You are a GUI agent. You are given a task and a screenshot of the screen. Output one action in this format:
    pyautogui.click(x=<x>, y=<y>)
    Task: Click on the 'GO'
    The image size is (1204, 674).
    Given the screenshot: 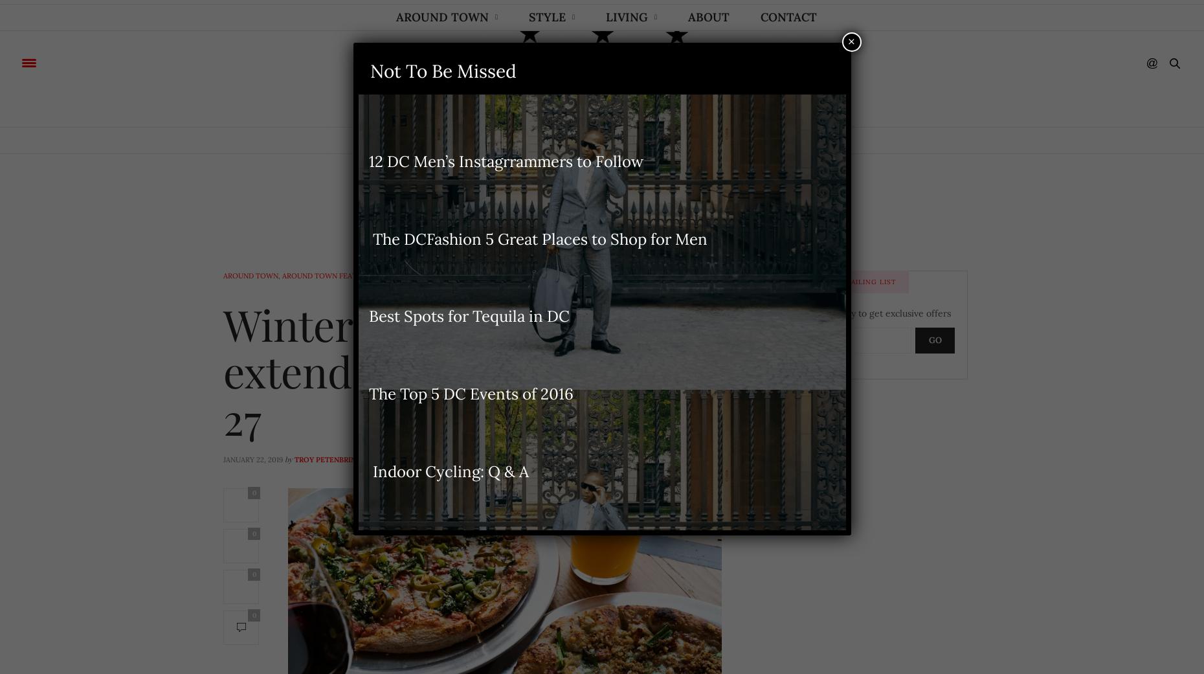 What is the action you would take?
    pyautogui.click(x=933, y=340)
    